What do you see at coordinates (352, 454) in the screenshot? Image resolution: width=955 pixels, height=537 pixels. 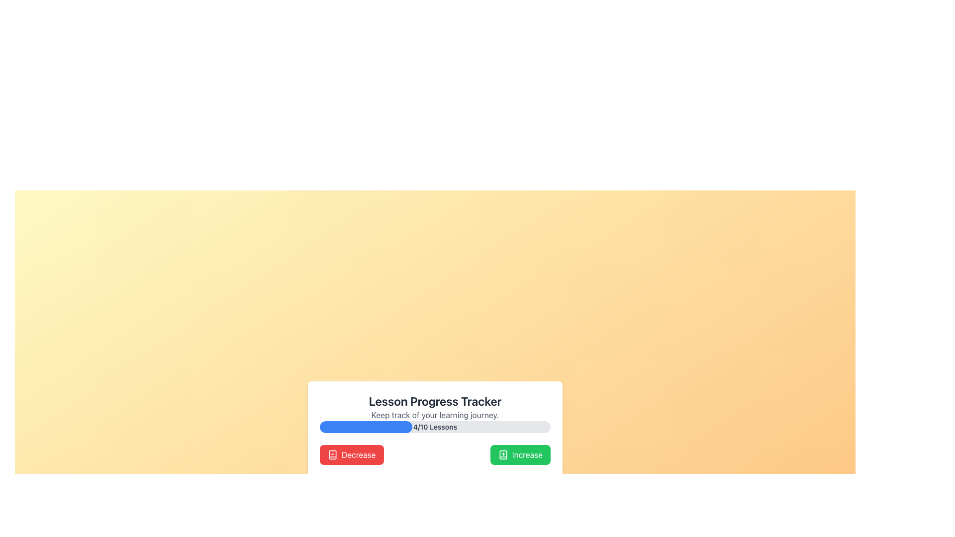 I see `the button that decreases the progress or count of a tracker, located below the progress tracker, on the left side of a horizontal layout with a green 'Increase' button to its right` at bounding box center [352, 454].